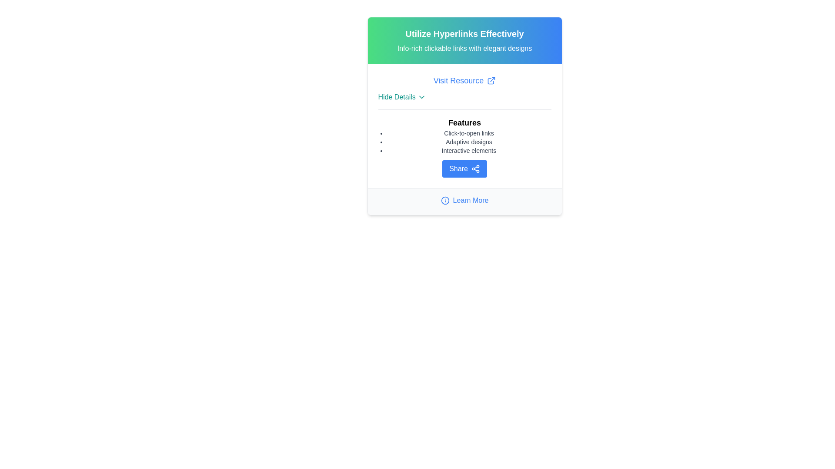 Image resolution: width=835 pixels, height=469 pixels. What do you see at coordinates (468, 133) in the screenshot?
I see `the text label displaying 'Click-to-open links' in the bulleted list under the heading 'Features'` at bounding box center [468, 133].